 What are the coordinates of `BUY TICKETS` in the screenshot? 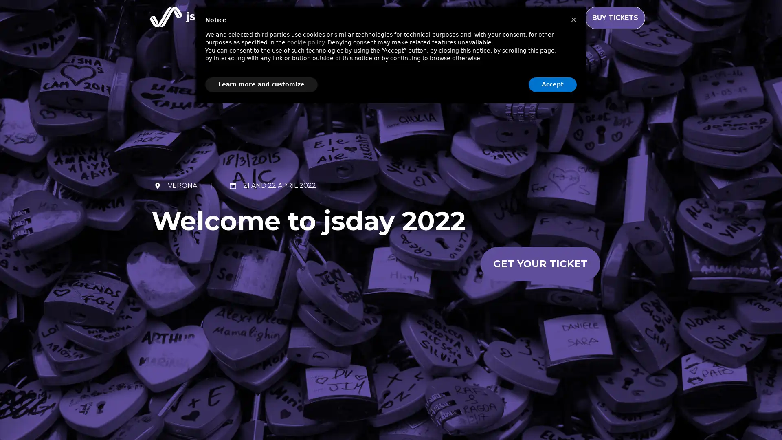 It's located at (615, 18).